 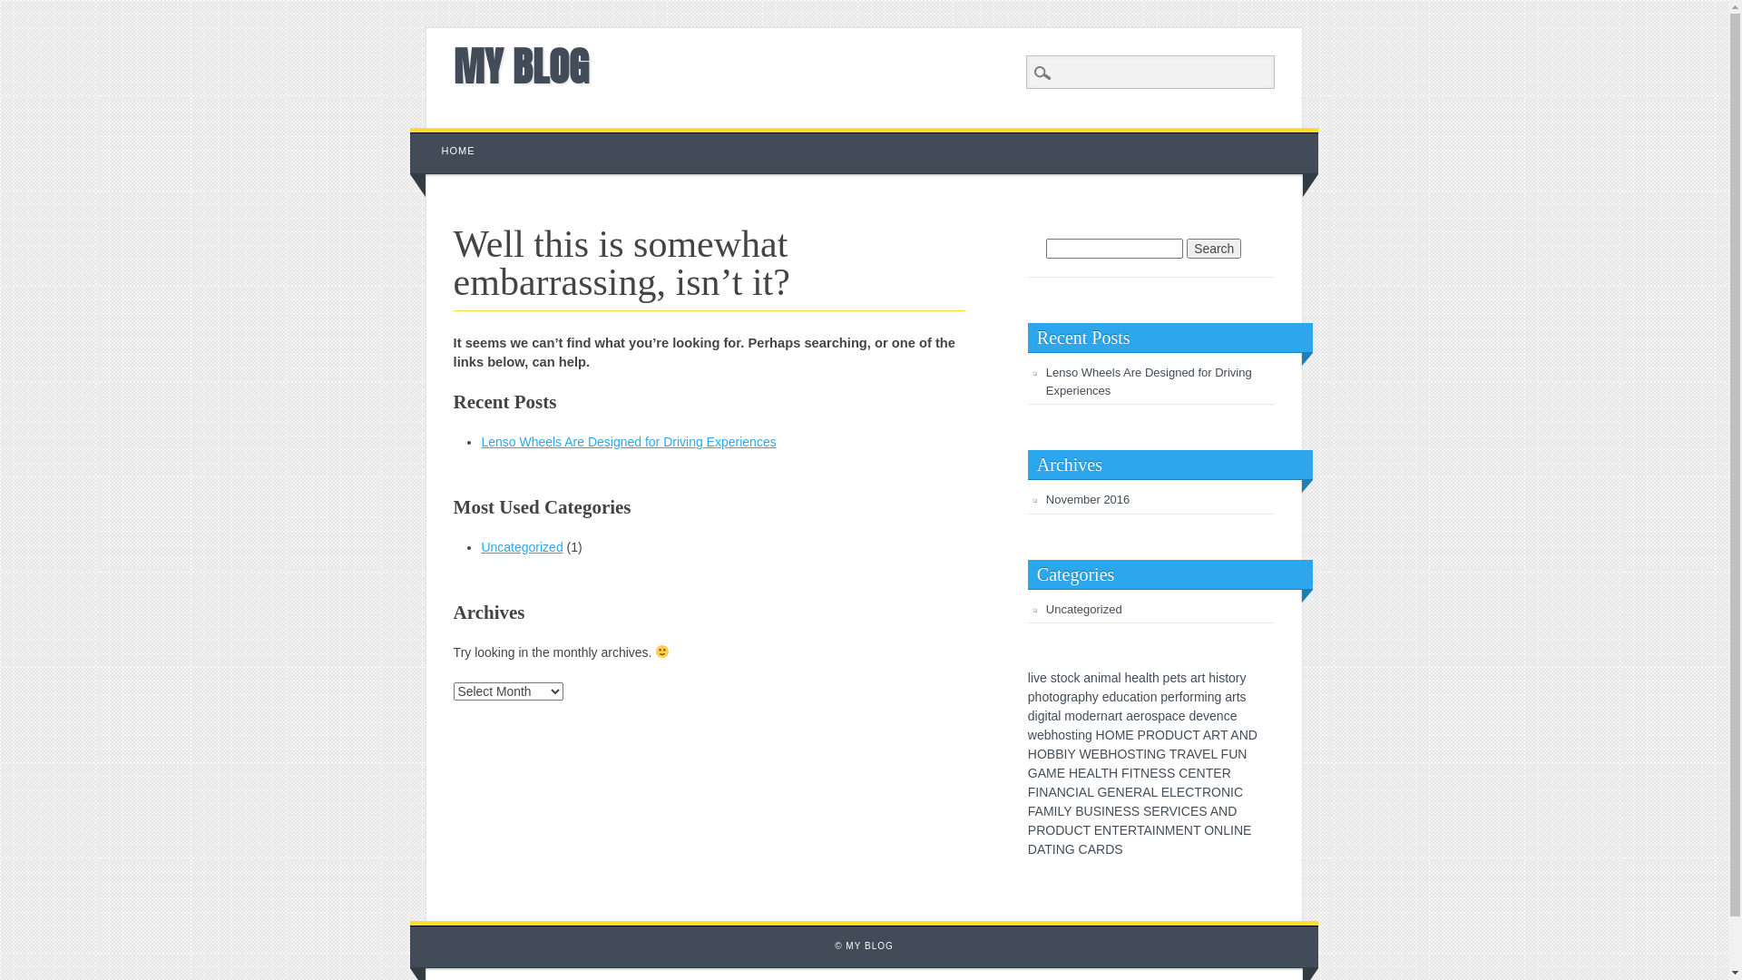 What do you see at coordinates (1032, 715) in the screenshot?
I see `'d'` at bounding box center [1032, 715].